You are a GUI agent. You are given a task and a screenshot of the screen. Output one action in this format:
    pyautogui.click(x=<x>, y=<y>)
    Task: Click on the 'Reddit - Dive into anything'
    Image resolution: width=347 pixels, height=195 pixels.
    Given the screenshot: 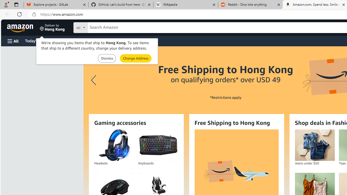 What is the action you would take?
    pyautogui.click(x=250, y=5)
    